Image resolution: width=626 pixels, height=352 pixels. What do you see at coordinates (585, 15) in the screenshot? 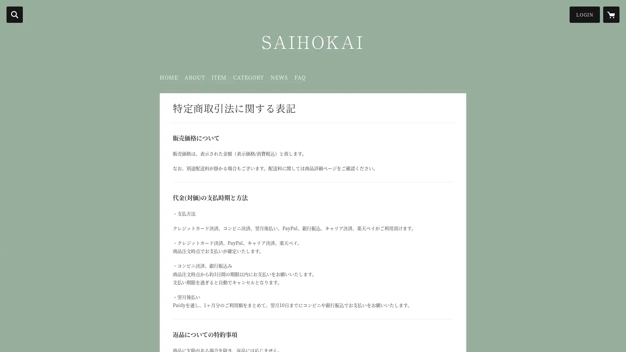
I see `LOGIN` at bounding box center [585, 15].